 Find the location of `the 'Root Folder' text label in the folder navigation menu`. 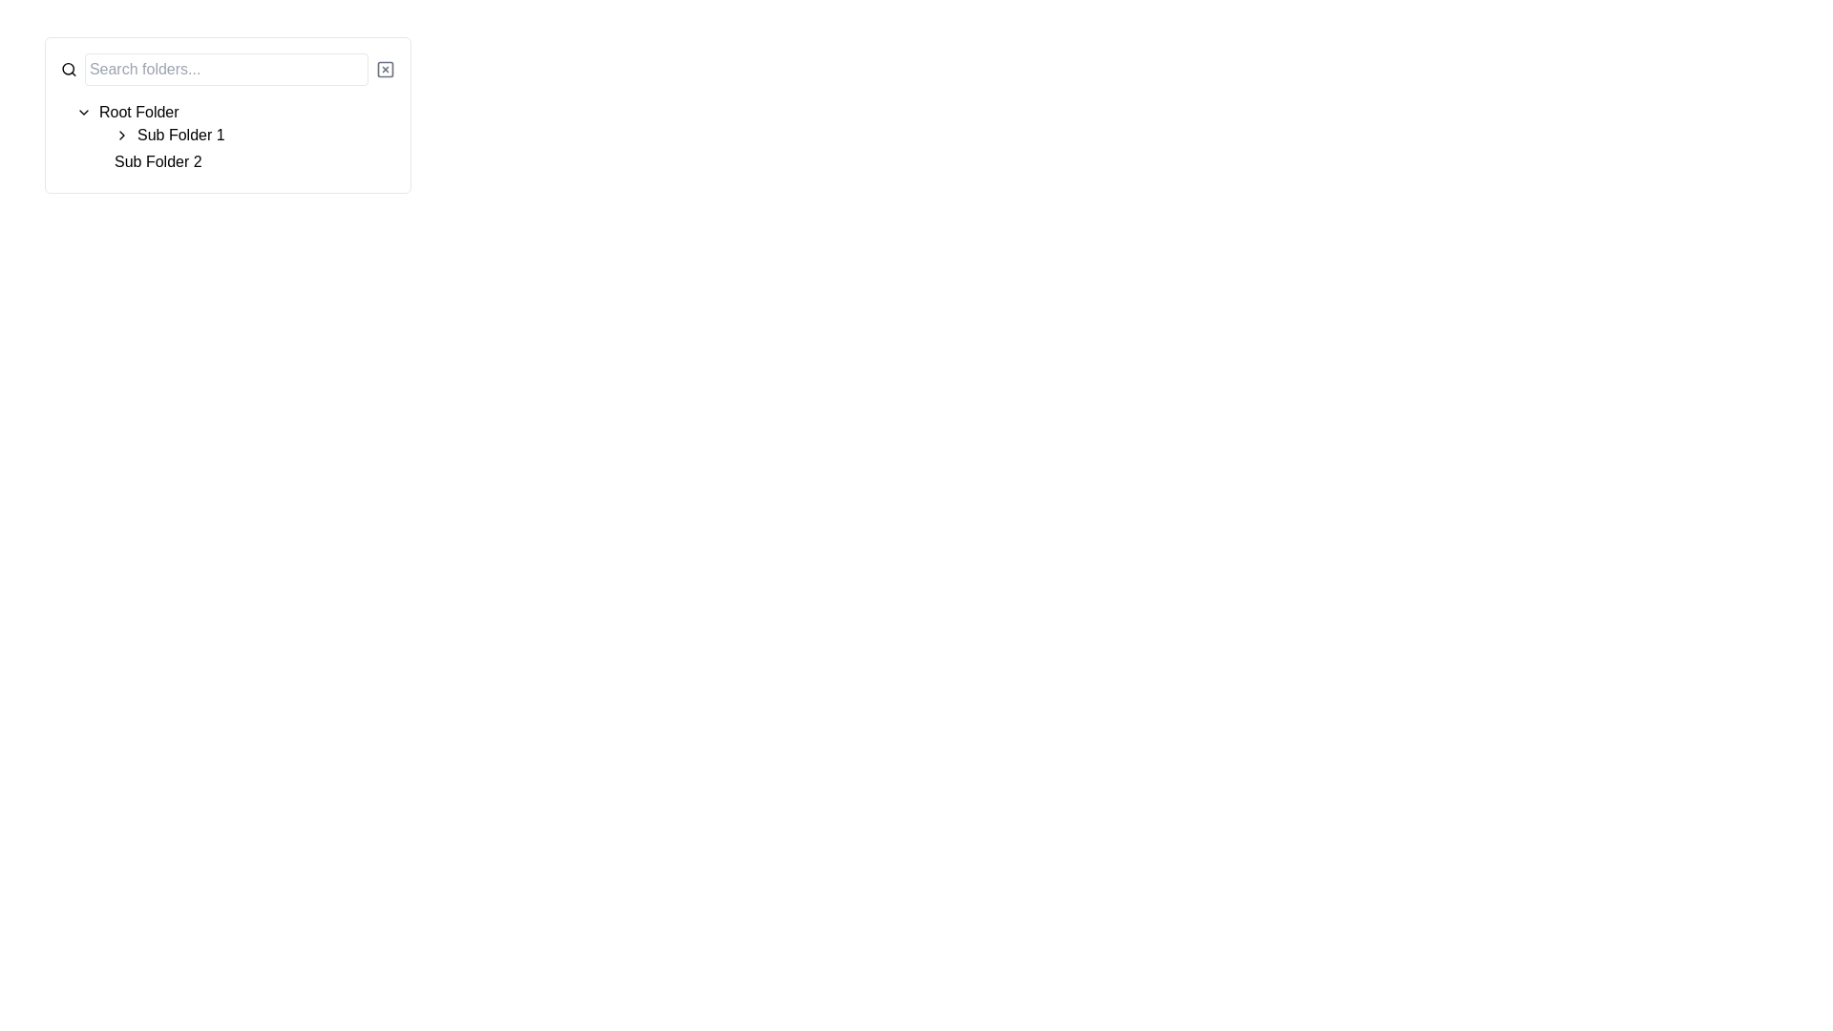

the 'Root Folder' text label in the folder navigation menu is located at coordinates (137, 113).